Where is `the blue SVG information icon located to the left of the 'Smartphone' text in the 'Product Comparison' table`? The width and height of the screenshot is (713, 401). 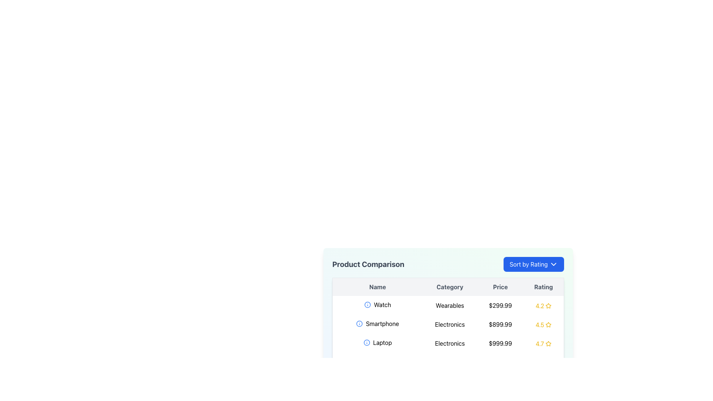 the blue SVG information icon located to the left of the 'Smartphone' text in the 'Product Comparison' table is located at coordinates (359, 323).